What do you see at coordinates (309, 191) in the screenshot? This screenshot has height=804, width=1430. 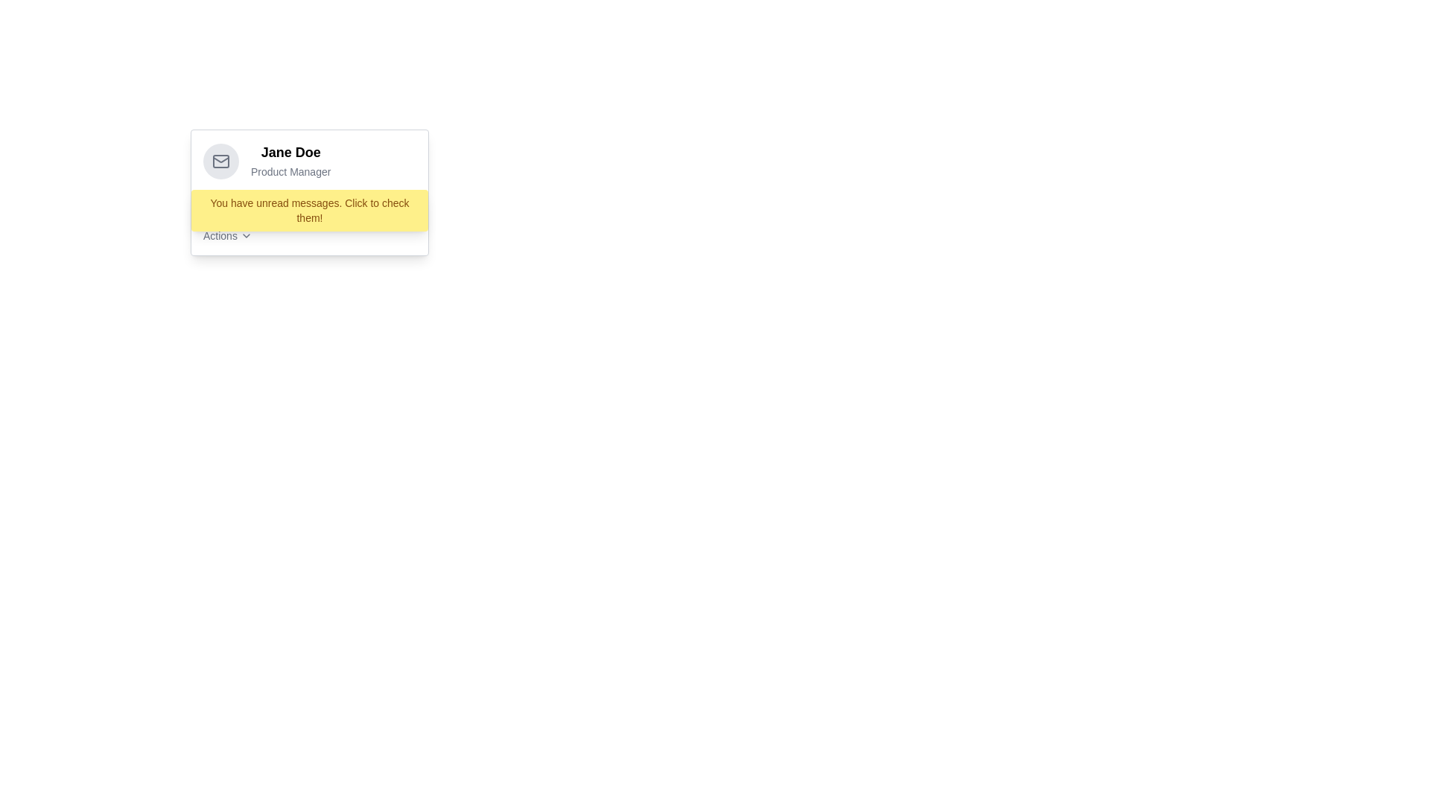 I see `the 'View Messages' button located in the notification section of the user profile card featuring 'Jane Doe' as the user` at bounding box center [309, 191].